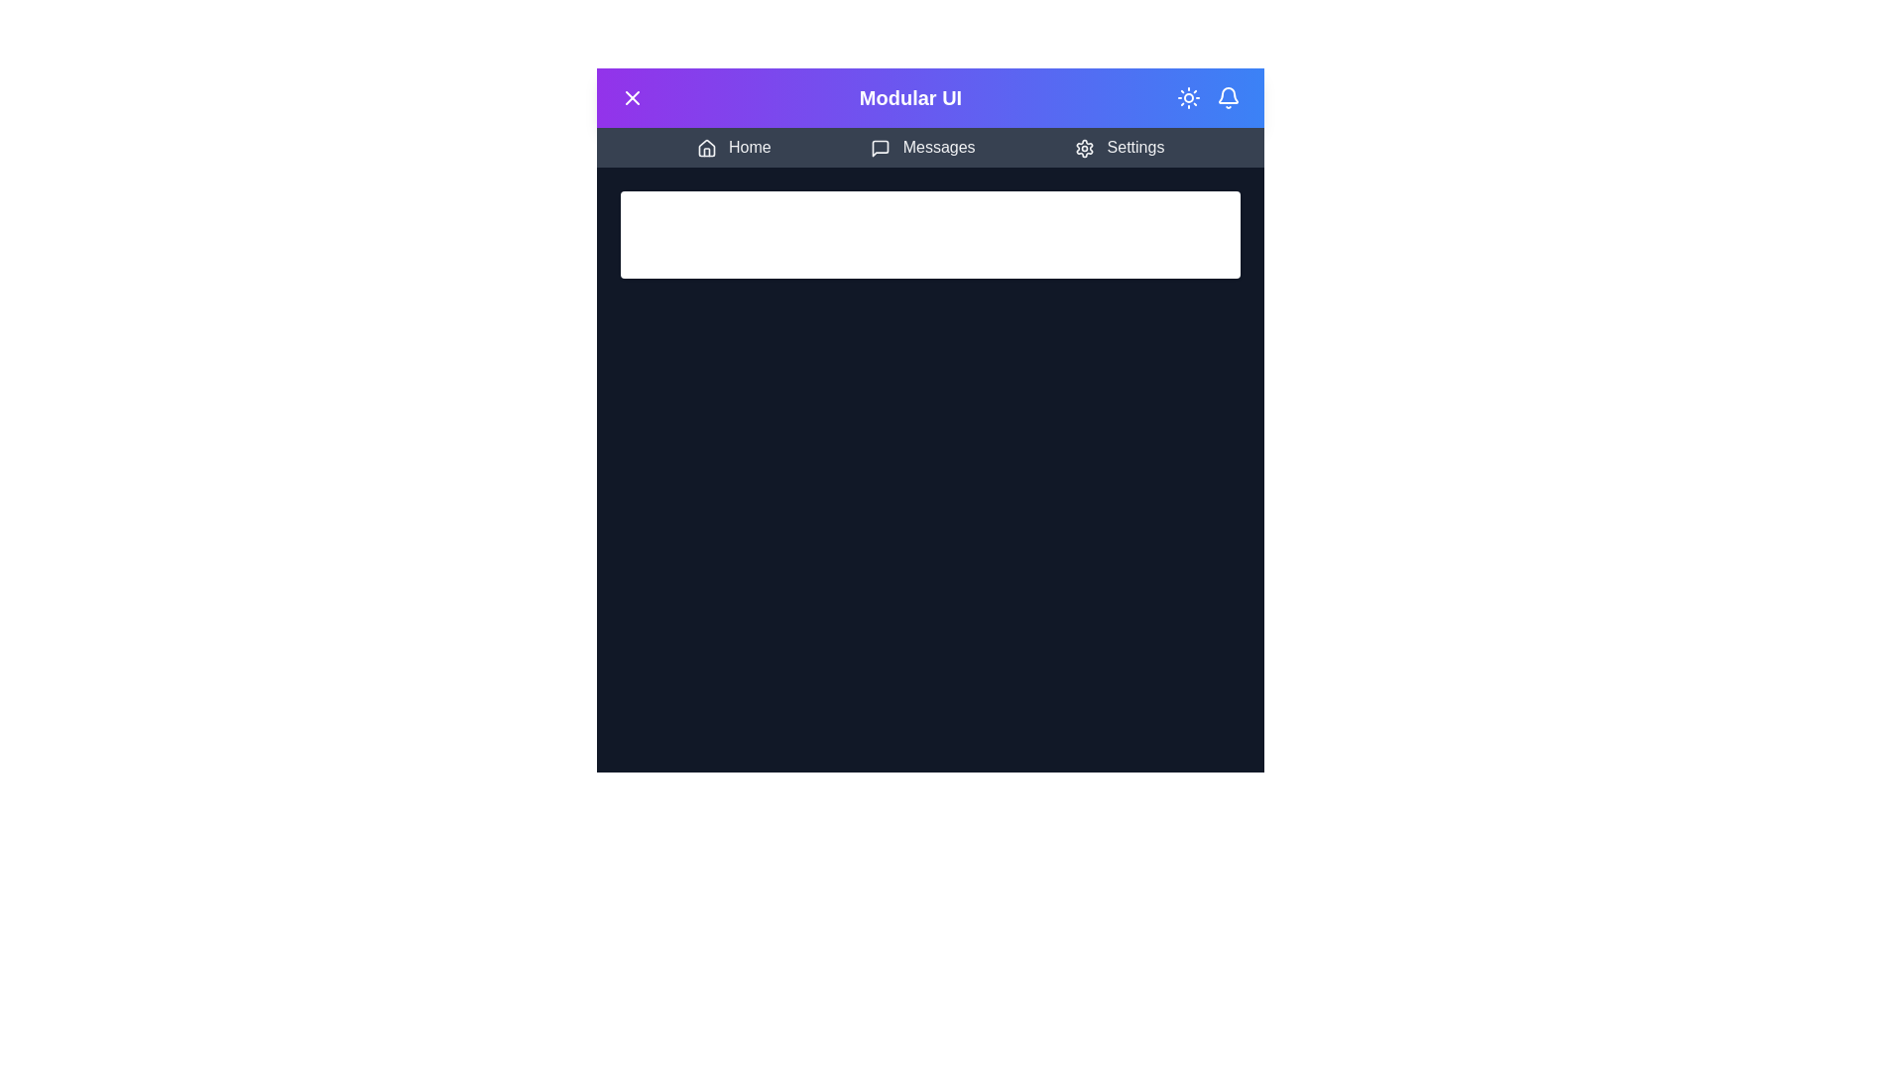 Image resolution: width=1904 pixels, height=1071 pixels. What do you see at coordinates (632, 98) in the screenshot?
I see `menu button to toggle the menu open or closed` at bounding box center [632, 98].